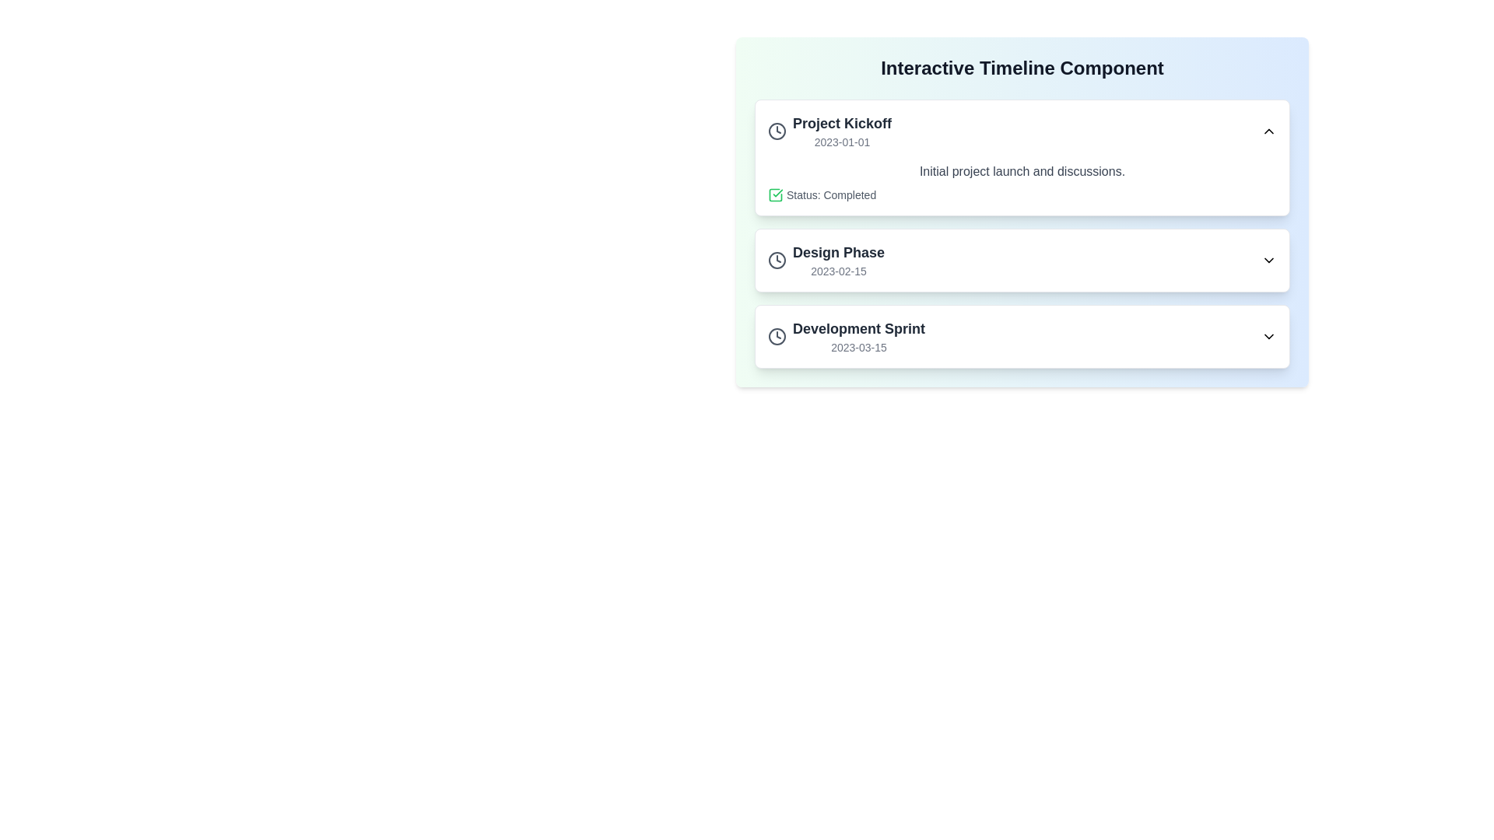 This screenshot has width=1494, height=840. Describe the element at coordinates (1022, 158) in the screenshot. I see `the 'Project Kickoff' card in the 'Interactive Timeline Component' that provides details about the kickoff, its date, and its current status` at that location.